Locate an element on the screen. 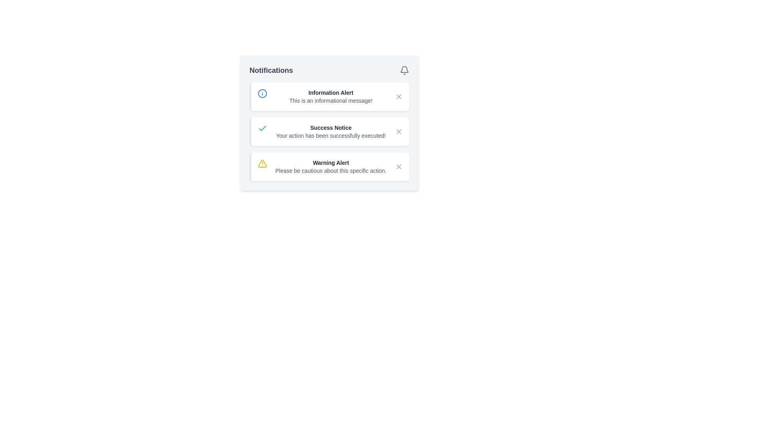 Image resolution: width=766 pixels, height=430 pixels. the text label displaying 'This is an informational message!' located within the 'Information Alert' notification card is located at coordinates (331, 100).